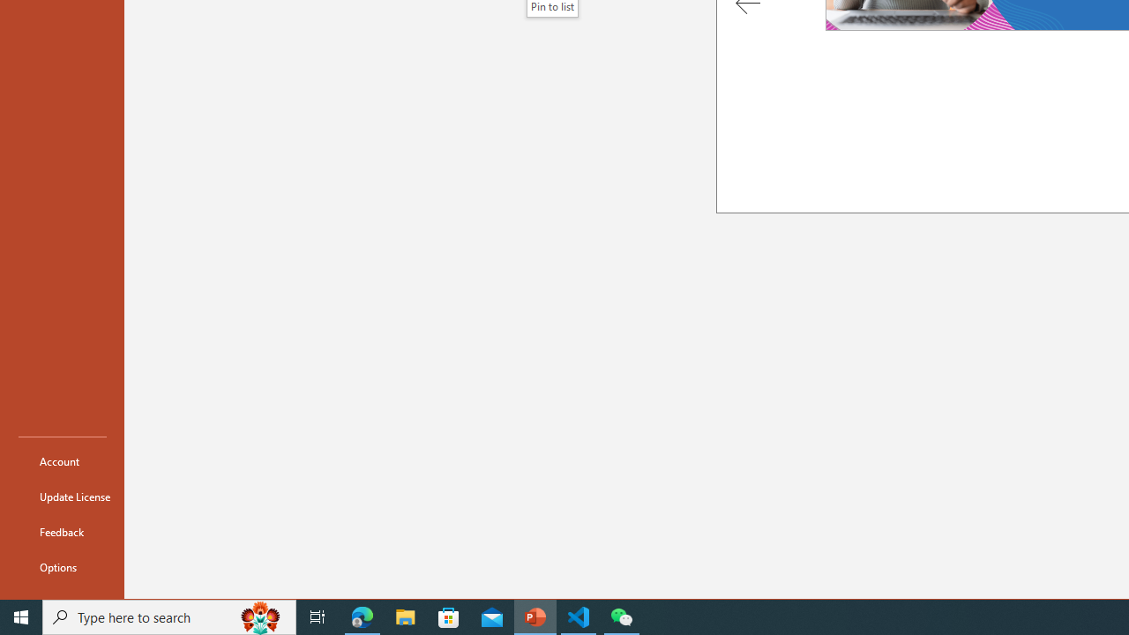 The image size is (1129, 635). I want to click on 'Microsoft Edge - 1 running window', so click(362, 616).